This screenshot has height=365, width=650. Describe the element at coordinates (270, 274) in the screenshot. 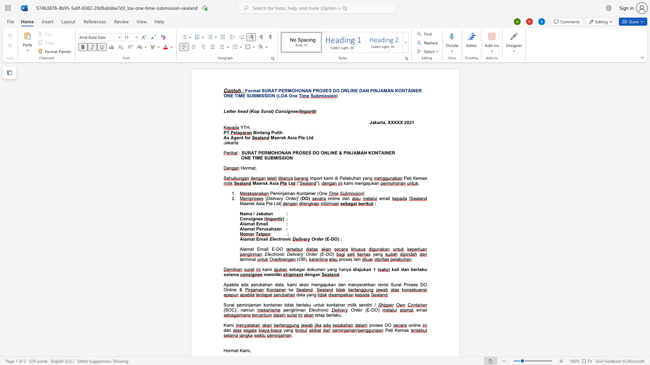

I see `the subset text "mi" within the text "memiliki"` at that location.